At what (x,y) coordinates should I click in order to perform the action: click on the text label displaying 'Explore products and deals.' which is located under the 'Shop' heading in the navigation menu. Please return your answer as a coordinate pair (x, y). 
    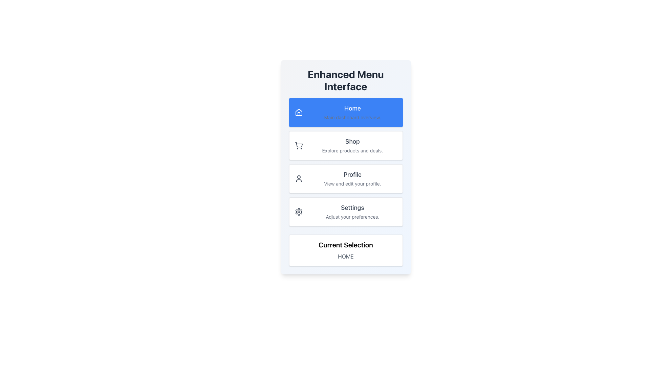
    Looking at the image, I should click on (352, 150).